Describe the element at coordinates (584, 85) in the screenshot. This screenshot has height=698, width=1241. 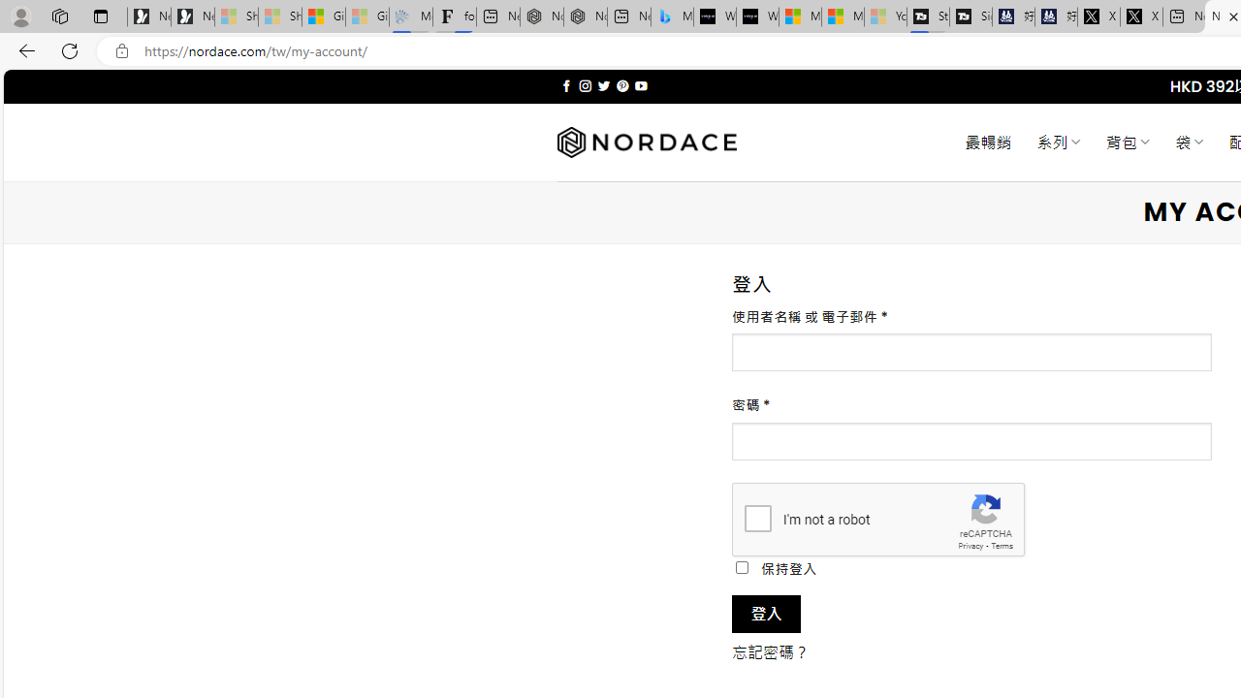
I see `'Follow on Instagram'` at that location.